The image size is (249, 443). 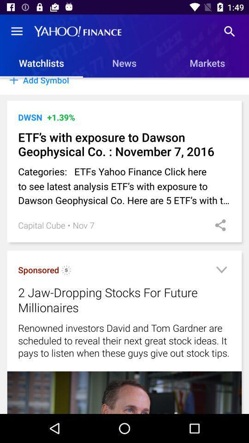 What do you see at coordinates (30, 117) in the screenshot?
I see `dwsn` at bounding box center [30, 117].